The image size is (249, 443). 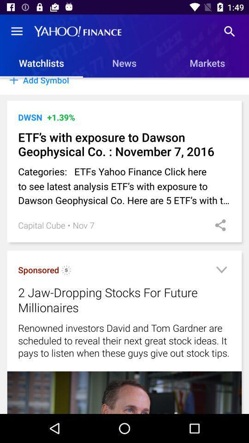 What do you see at coordinates (30, 117) in the screenshot?
I see `dwsn` at bounding box center [30, 117].